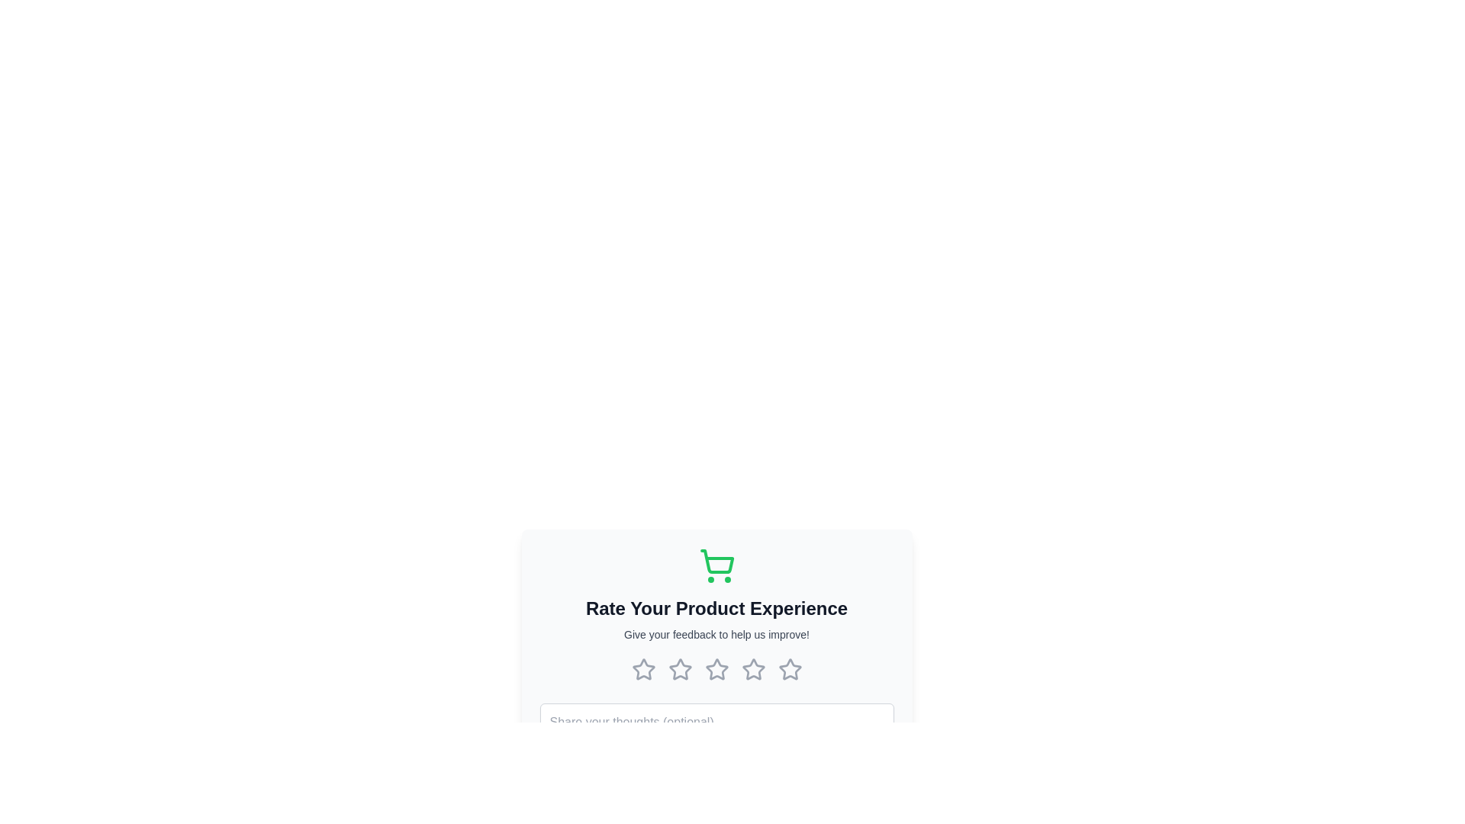  Describe the element at coordinates (716, 608) in the screenshot. I see `the static text header that prompts users to rate their product experience, which is located below the green shopping cart icon and above the explanatory text line` at that location.